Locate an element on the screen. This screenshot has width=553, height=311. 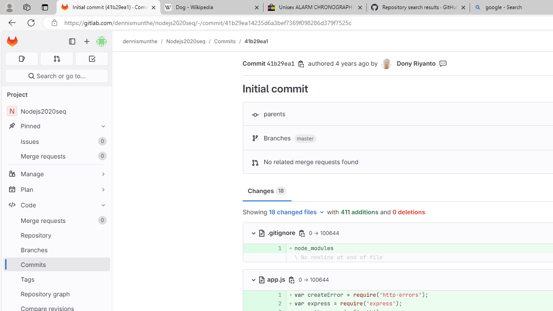
'dennismunthe' is located at coordinates (140, 41).